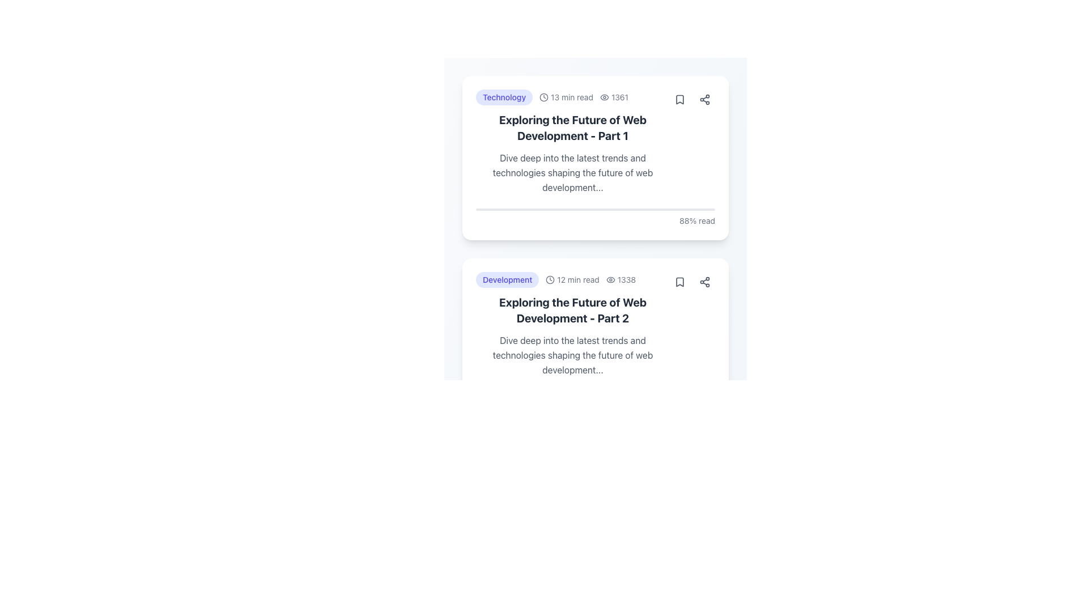  Describe the element at coordinates (603, 97) in the screenshot. I see `the view count icon located in the top article card, positioned to the right of the '13 min read' label and left of the number '1361'` at that location.